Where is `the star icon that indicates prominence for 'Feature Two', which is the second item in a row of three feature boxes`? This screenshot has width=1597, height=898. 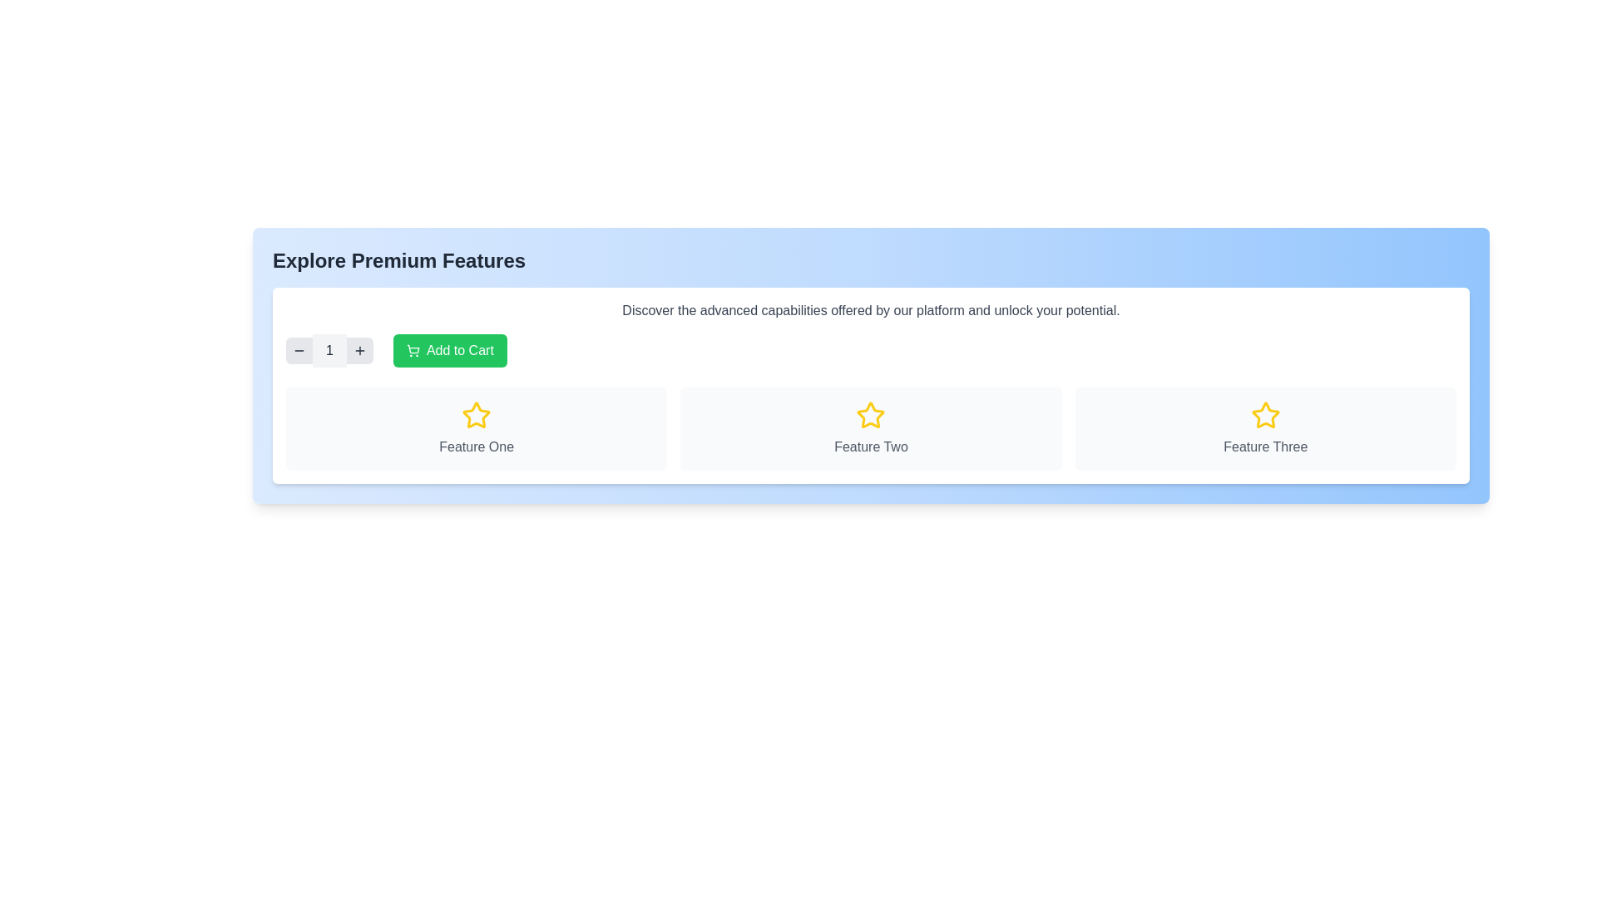 the star icon that indicates prominence for 'Feature Two', which is the second item in a row of three feature boxes is located at coordinates (870, 414).